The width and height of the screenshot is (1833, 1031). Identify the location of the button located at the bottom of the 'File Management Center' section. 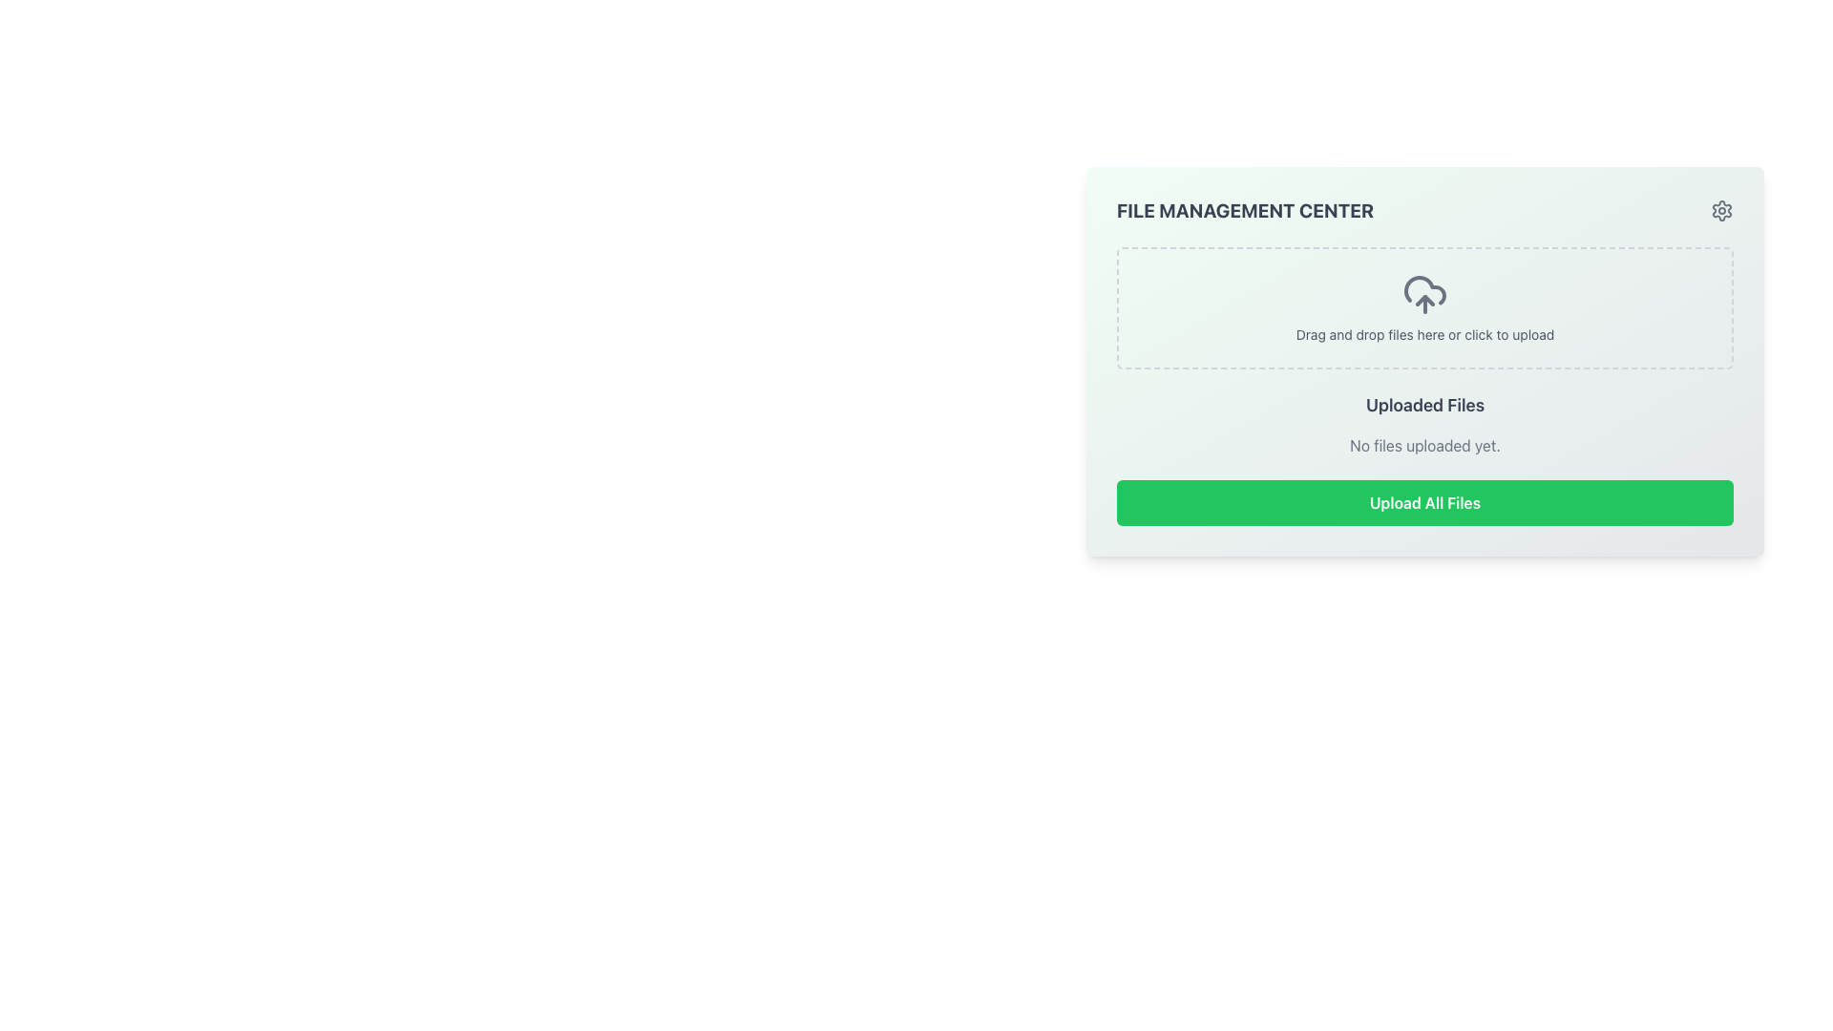
(1424, 502).